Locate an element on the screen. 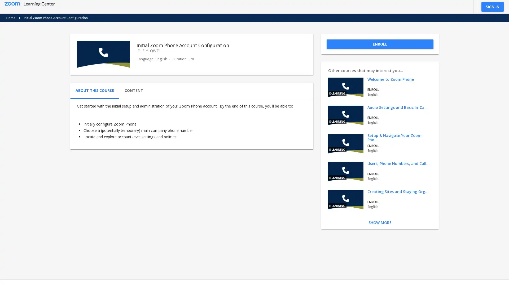  SIGN IN is located at coordinates (492, 6).